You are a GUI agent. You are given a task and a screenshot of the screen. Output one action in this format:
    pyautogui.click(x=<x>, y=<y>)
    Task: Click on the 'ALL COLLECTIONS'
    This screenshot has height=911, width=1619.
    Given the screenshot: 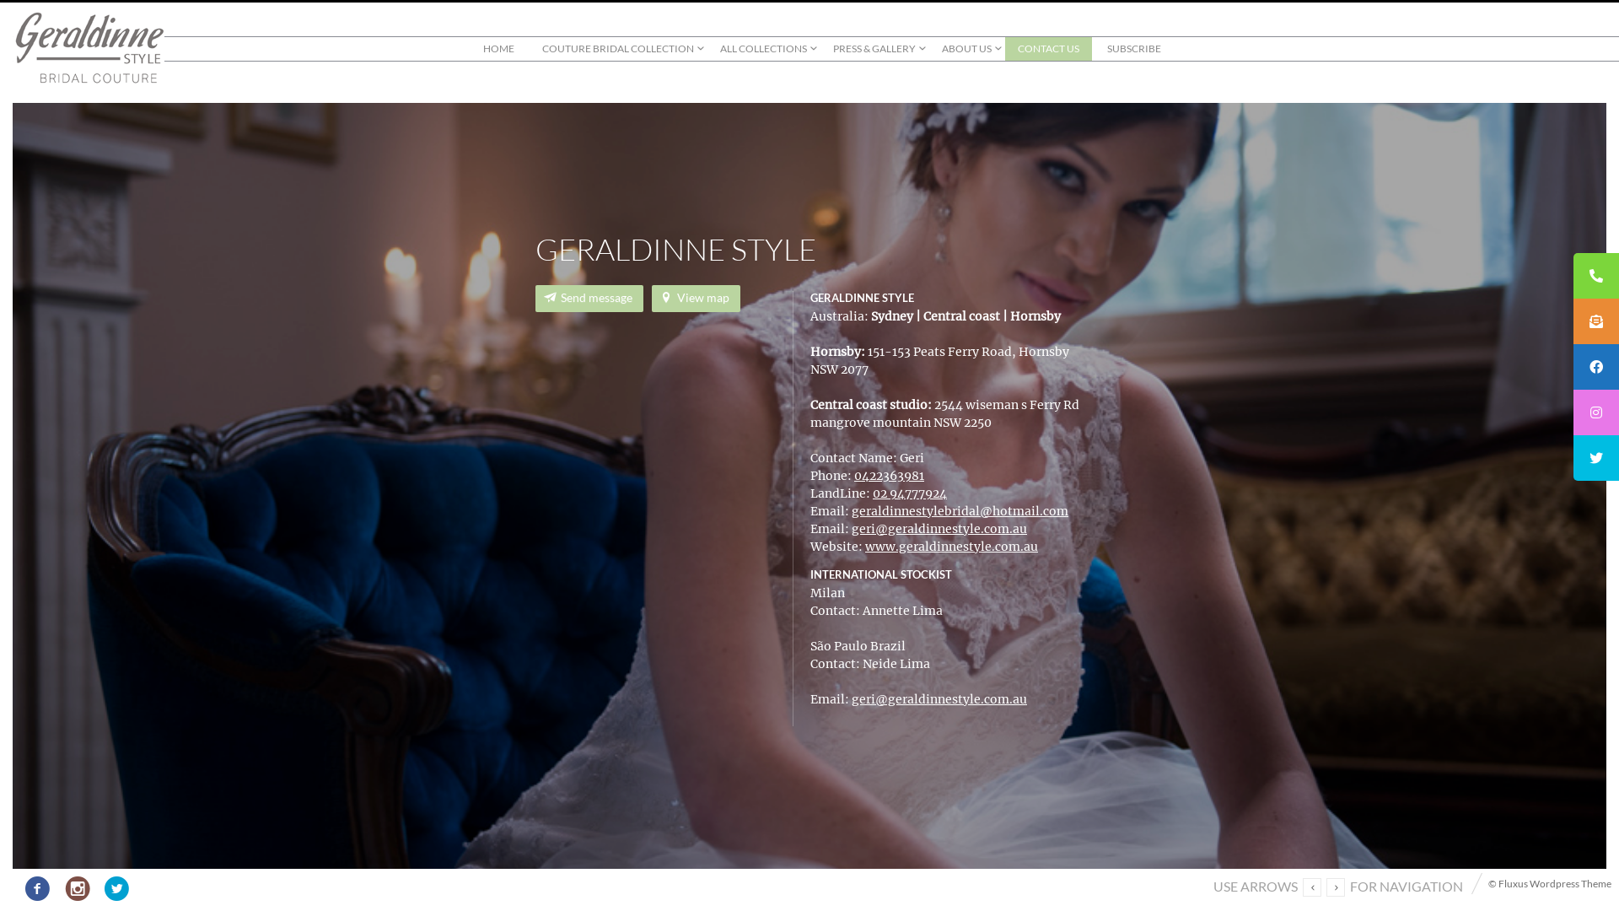 What is the action you would take?
    pyautogui.click(x=761, y=47)
    